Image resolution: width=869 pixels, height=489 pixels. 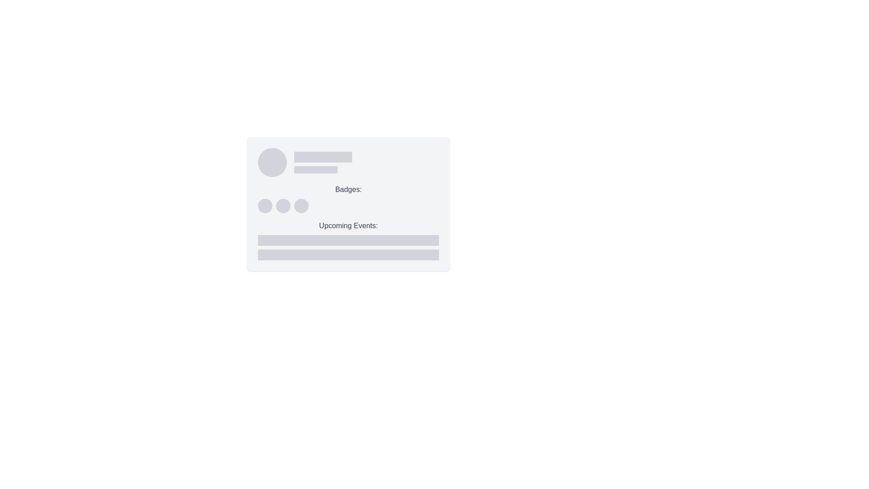 What do you see at coordinates (348, 248) in the screenshot?
I see `the grouping of non-interactive visual indicators consisting of two horizontally aligned gray bars located in the 'Upcoming Events:' section, immediately below the label 'Upcoming Events:'` at bounding box center [348, 248].